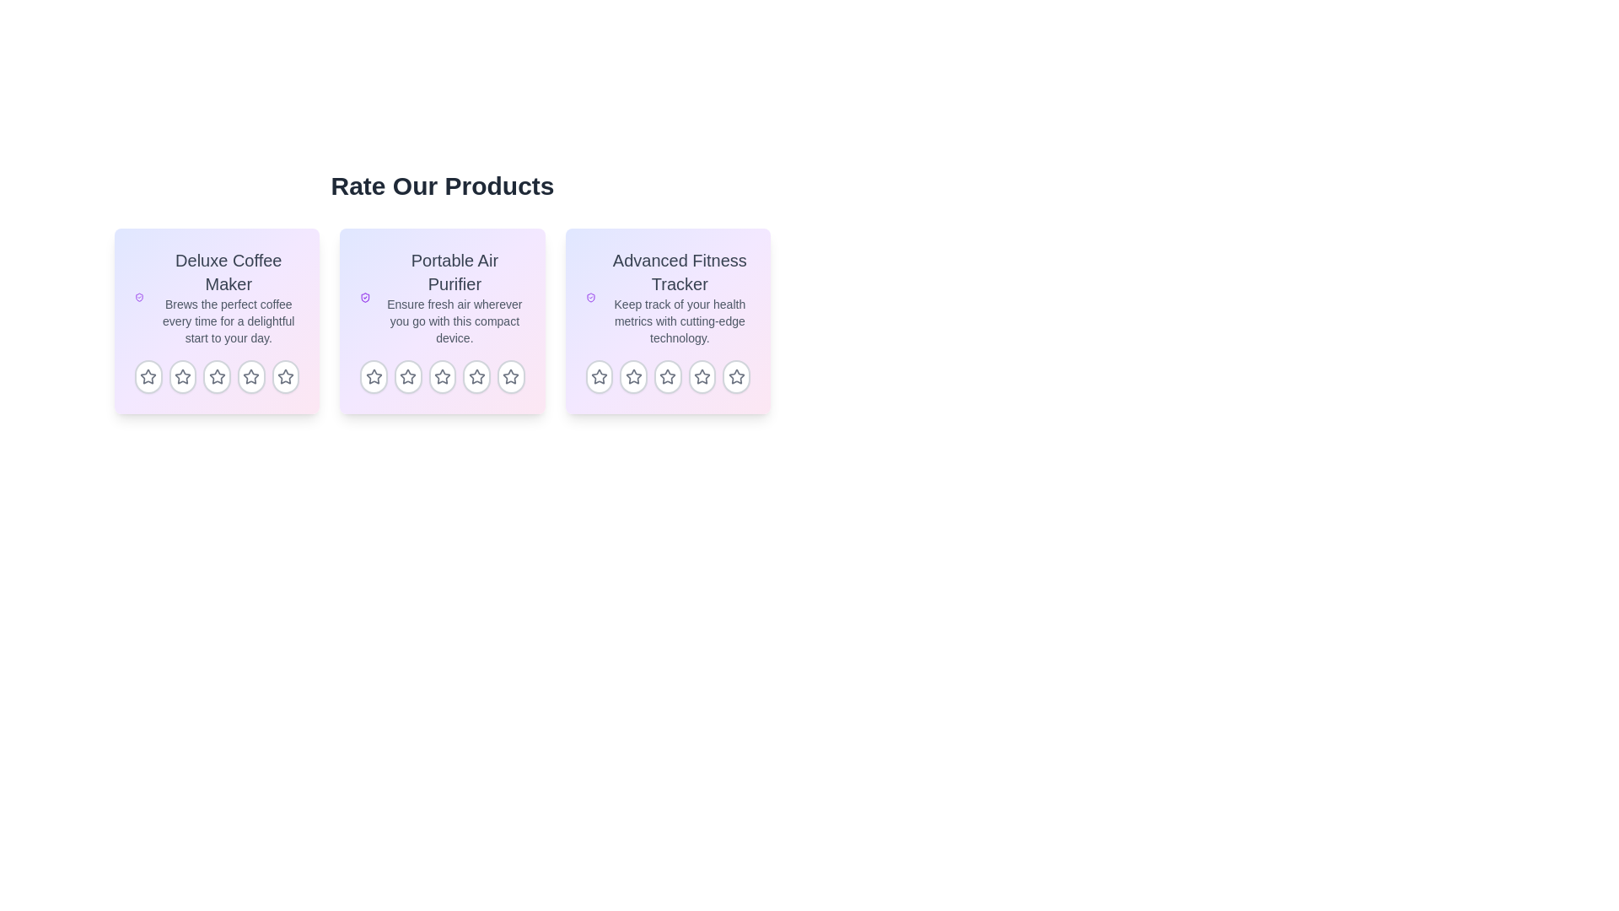  I want to click on the Text label (Heading) that serves as the title of the product, positioned at the top of the third product card in a row of three, so click(680, 272).